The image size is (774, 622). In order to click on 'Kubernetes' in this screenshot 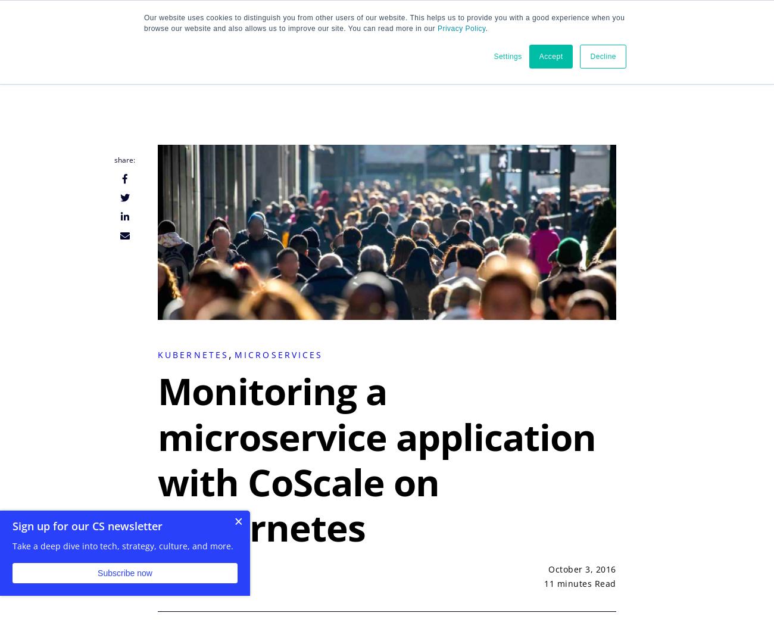, I will do `click(157, 354)`.